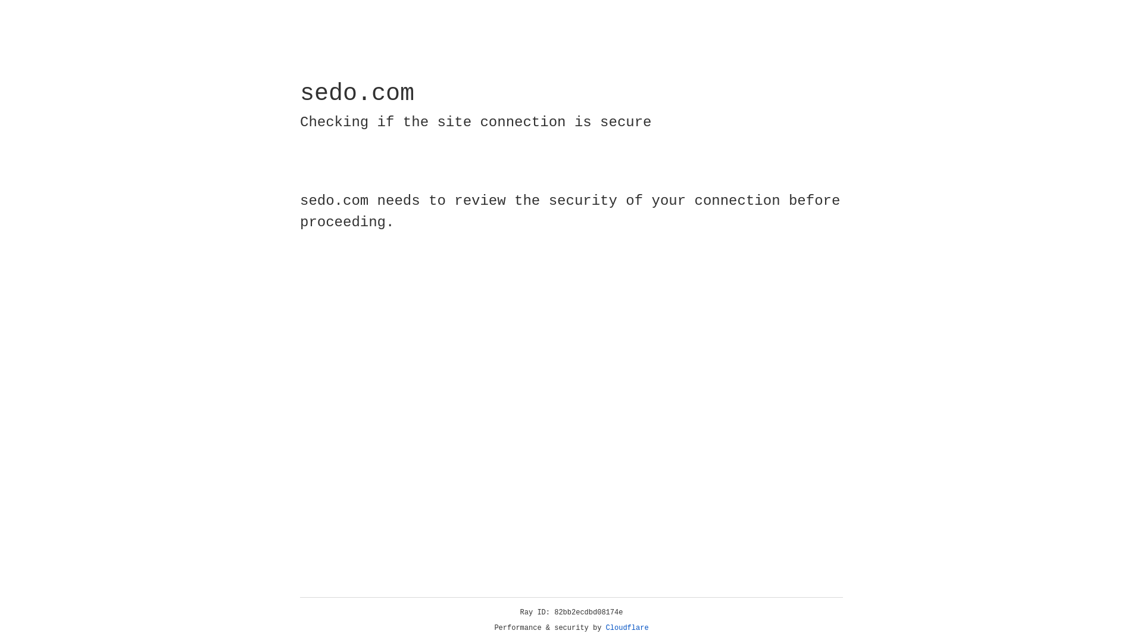 Image resolution: width=1143 pixels, height=643 pixels. Describe the element at coordinates (627, 628) in the screenshot. I see `'Cloudflare'` at that location.